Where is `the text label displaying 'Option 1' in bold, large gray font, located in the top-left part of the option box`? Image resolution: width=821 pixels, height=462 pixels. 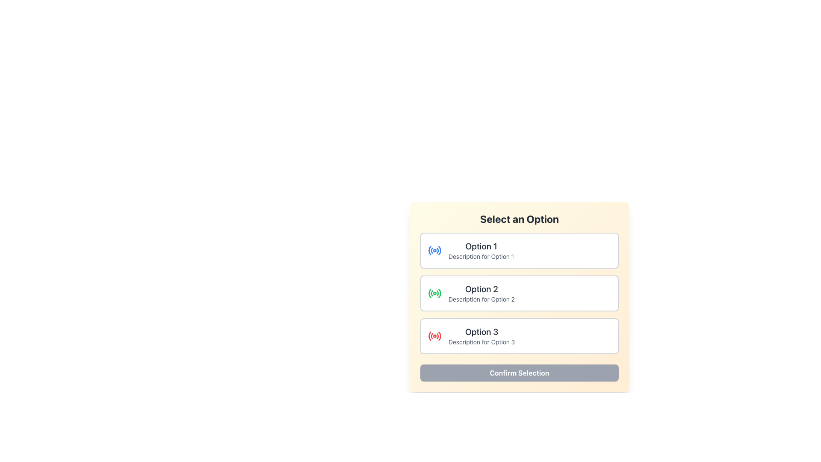 the text label displaying 'Option 1' in bold, large gray font, located in the top-left part of the option box is located at coordinates (481, 246).